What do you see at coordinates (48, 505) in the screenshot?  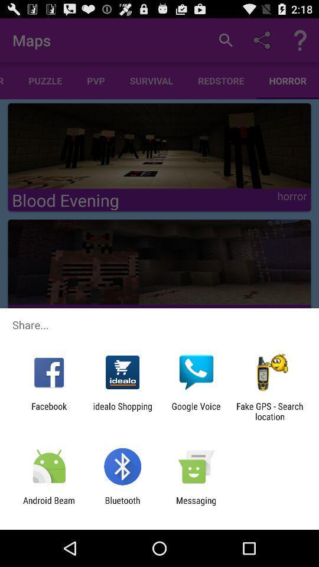 I see `icon next to the bluetooth item` at bounding box center [48, 505].